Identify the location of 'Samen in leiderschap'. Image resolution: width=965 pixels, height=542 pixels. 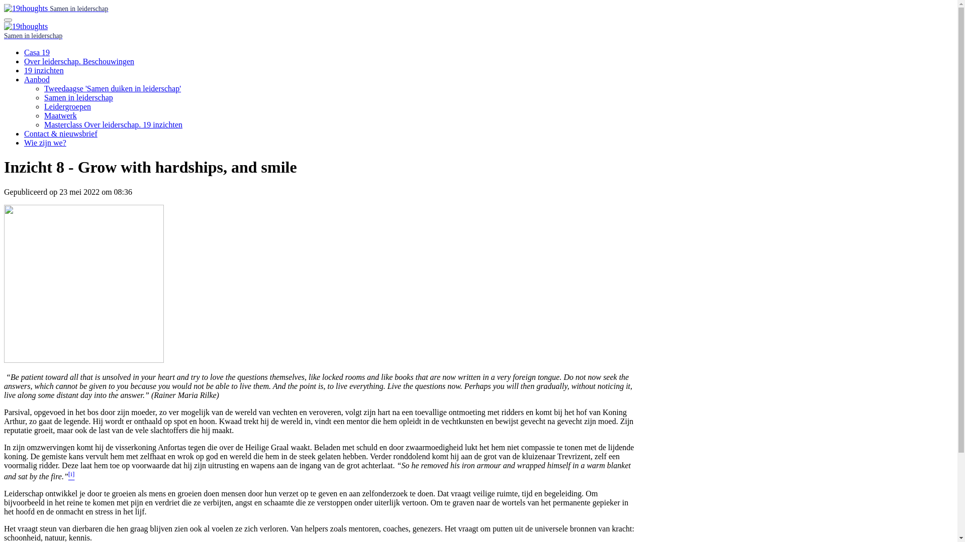
(55, 8).